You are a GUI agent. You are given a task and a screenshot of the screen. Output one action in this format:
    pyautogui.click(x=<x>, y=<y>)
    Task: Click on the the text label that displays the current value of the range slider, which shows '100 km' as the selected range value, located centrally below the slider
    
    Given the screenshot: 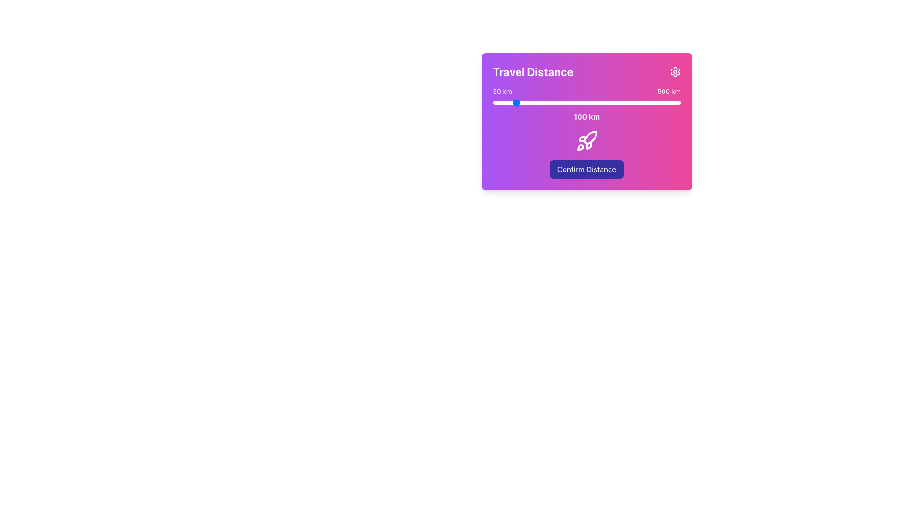 What is the action you would take?
    pyautogui.click(x=586, y=116)
    